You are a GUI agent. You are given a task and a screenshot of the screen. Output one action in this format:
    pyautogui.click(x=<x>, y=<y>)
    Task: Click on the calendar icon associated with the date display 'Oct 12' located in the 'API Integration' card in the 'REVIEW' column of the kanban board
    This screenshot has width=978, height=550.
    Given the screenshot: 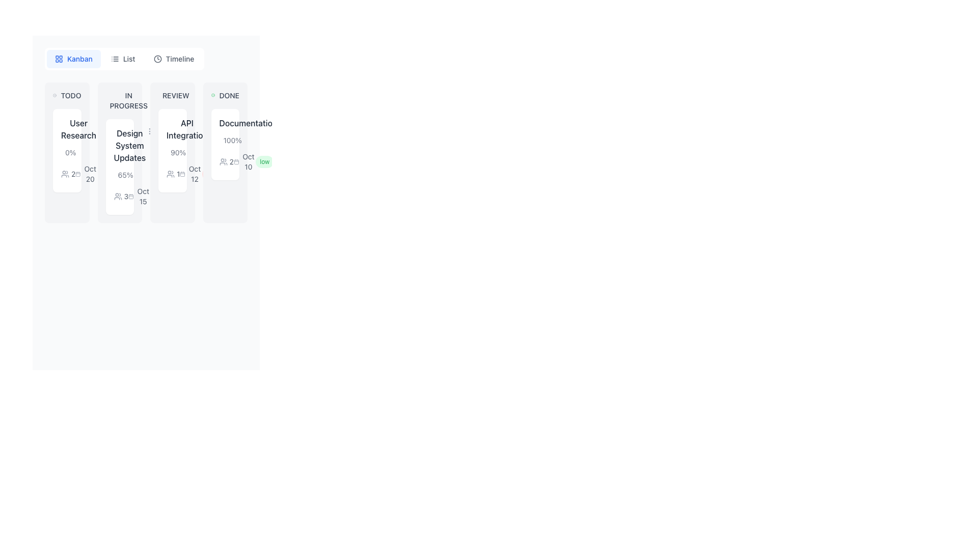 What is the action you would take?
    pyautogui.click(x=191, y=174)
    